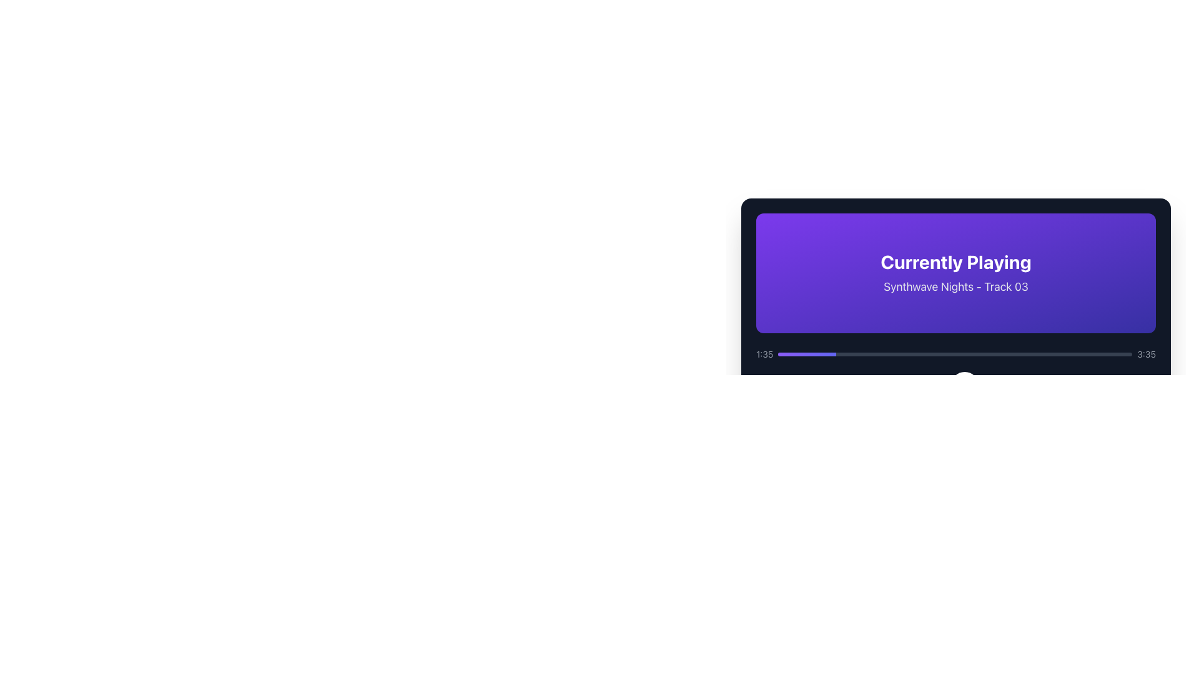  I want to click on displayed time from the text display showing '1:35' in light gray color, positioned at the left end of the progress bar component, so click(764, 354).